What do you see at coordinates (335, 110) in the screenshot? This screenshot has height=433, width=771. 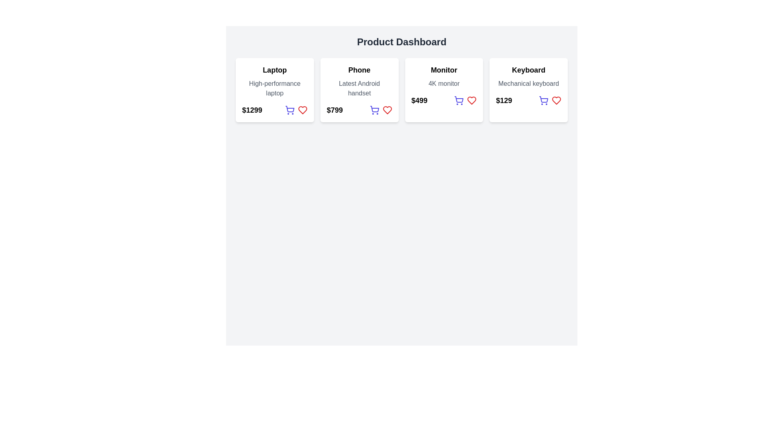 I see `the price text label of the product 'Phone', which is located in the second card from the left and positioned at the bottom-left section of the card, below the product name and above the cart and wishlist icons` at bounding box center [335, 110].